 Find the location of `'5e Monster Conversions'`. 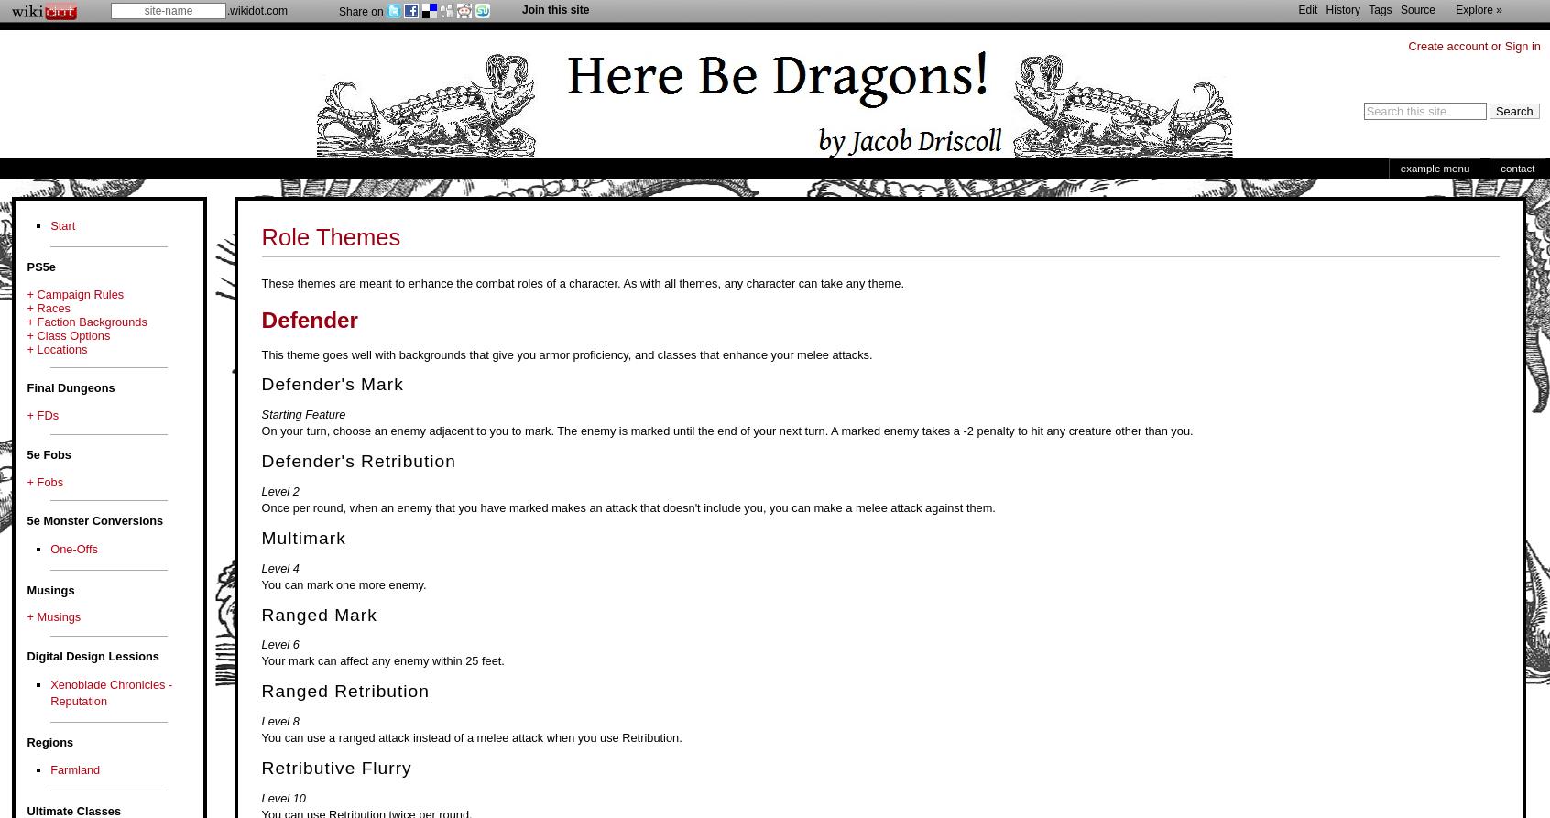

'5e Monster Conversions' is located at coordinates (94, 519).